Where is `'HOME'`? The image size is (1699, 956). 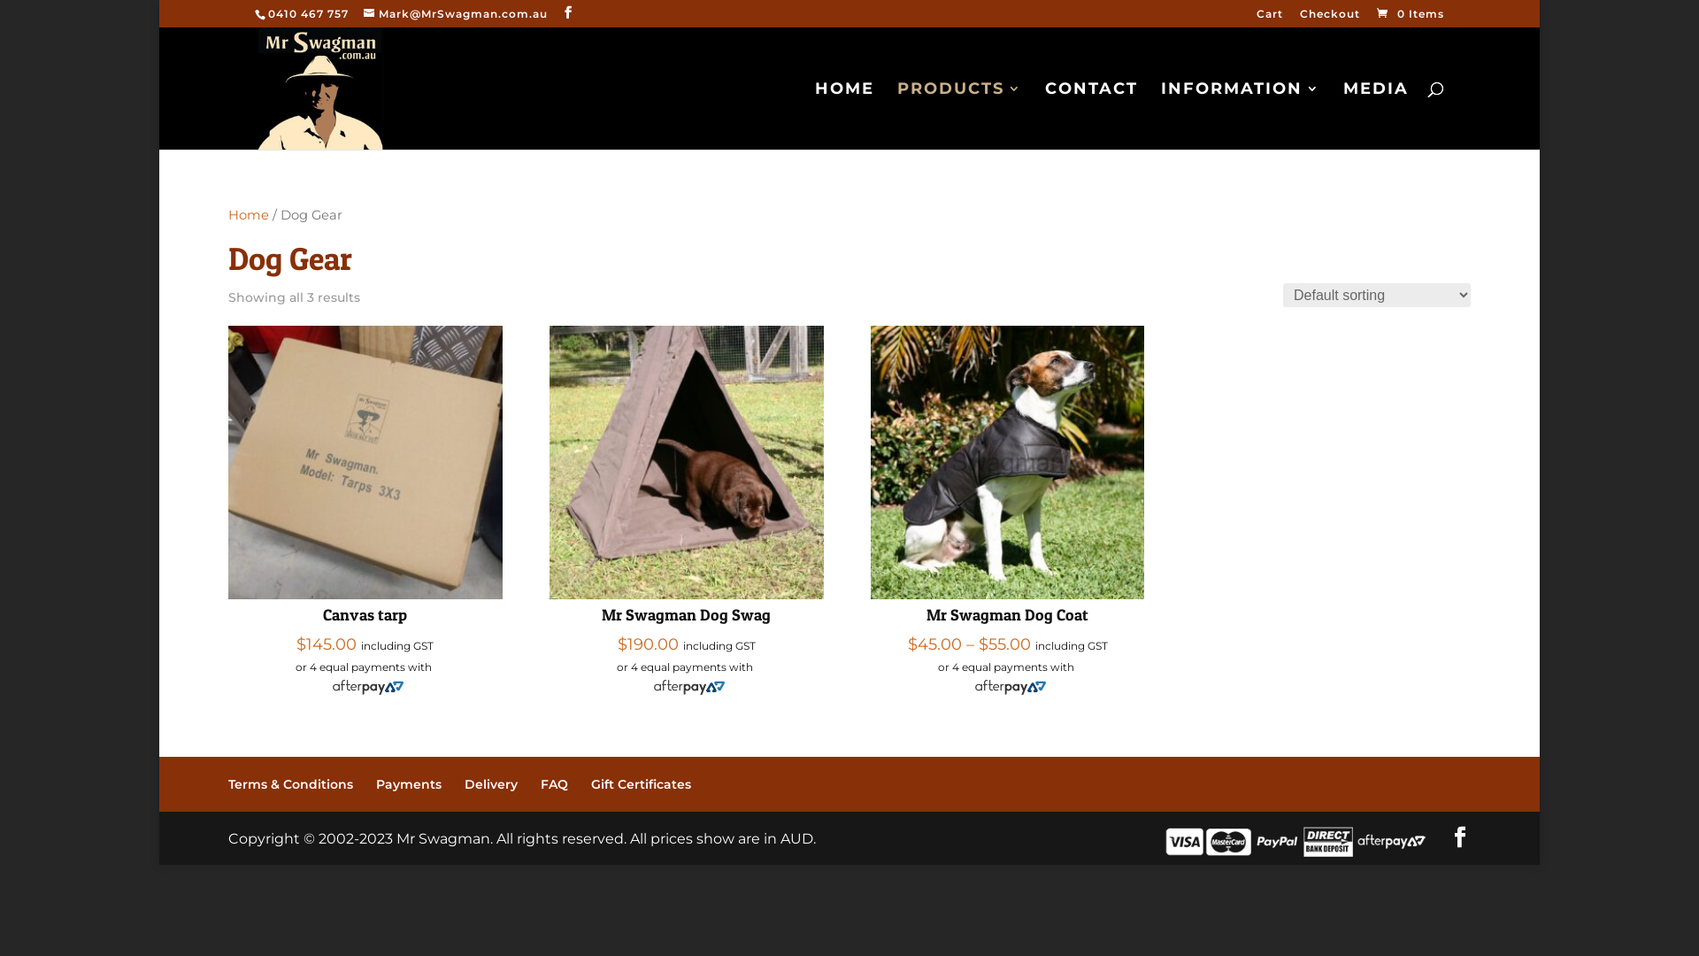 'HOME' is located at coordinates (814, 116).